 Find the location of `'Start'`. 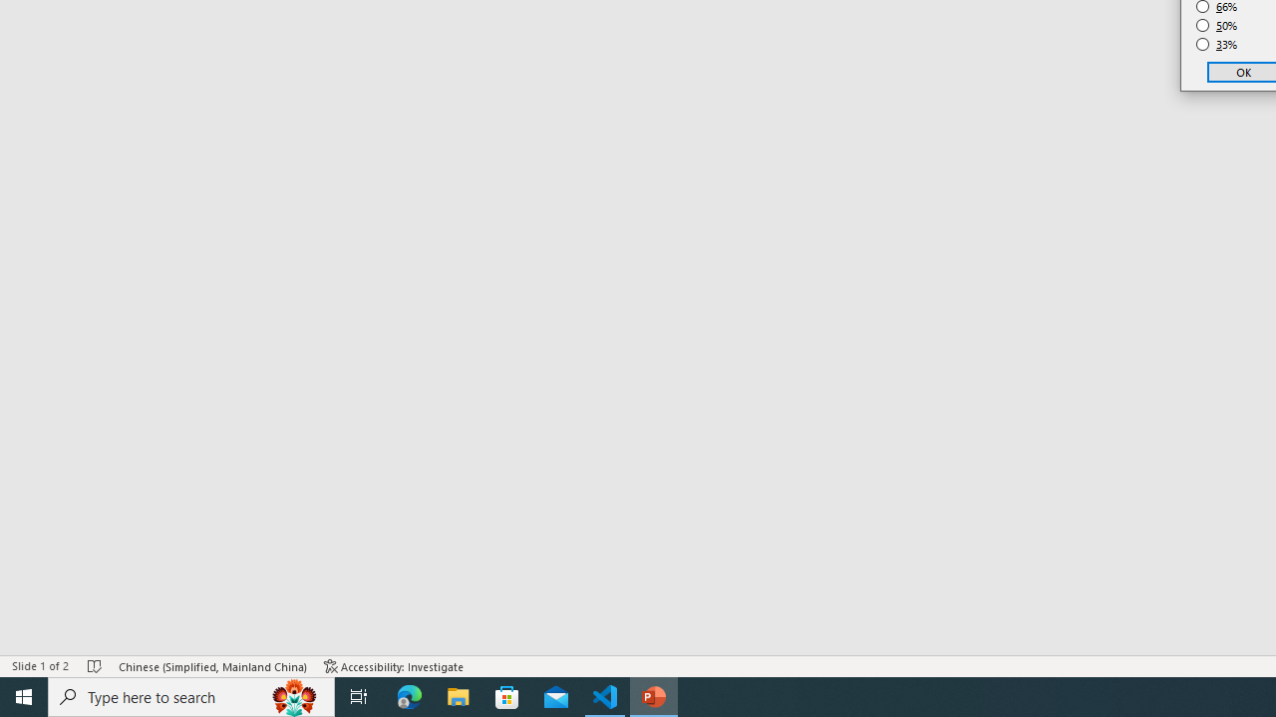

'Start' is located at coordinates (24, 695).